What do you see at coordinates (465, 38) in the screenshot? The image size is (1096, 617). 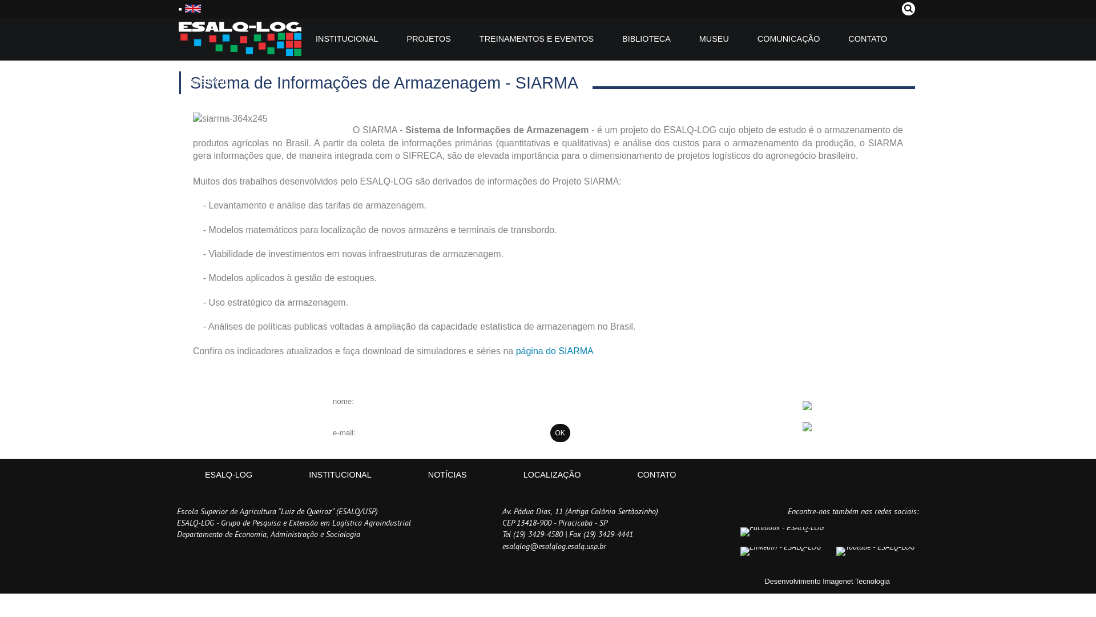 I see `'TREINAMENTOS E EVENTOS'` at bounding box center [465, 38].